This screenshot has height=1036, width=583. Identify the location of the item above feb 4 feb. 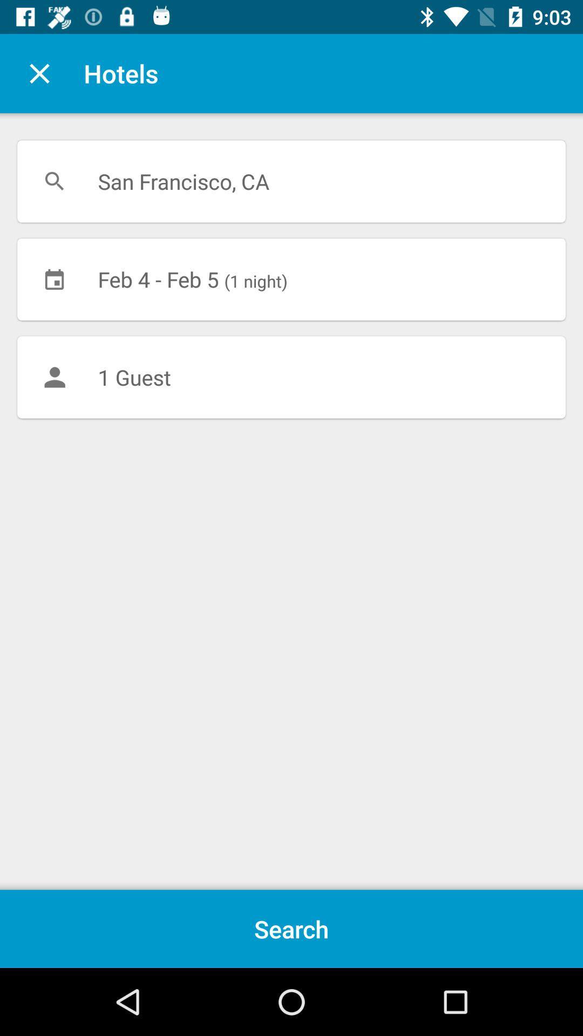
(291, 181).